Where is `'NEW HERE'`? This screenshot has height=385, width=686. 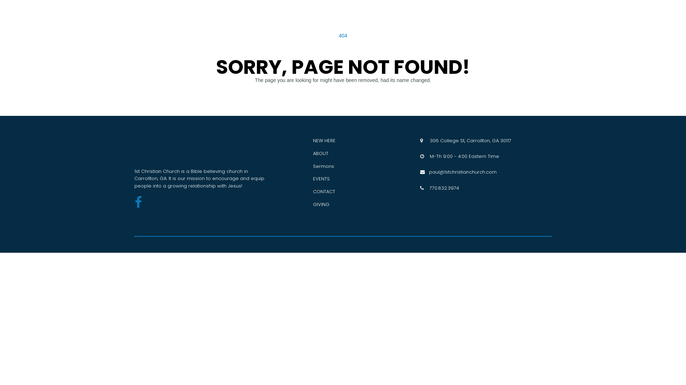
'NEW HERE' is located at coordinates (324, 140).